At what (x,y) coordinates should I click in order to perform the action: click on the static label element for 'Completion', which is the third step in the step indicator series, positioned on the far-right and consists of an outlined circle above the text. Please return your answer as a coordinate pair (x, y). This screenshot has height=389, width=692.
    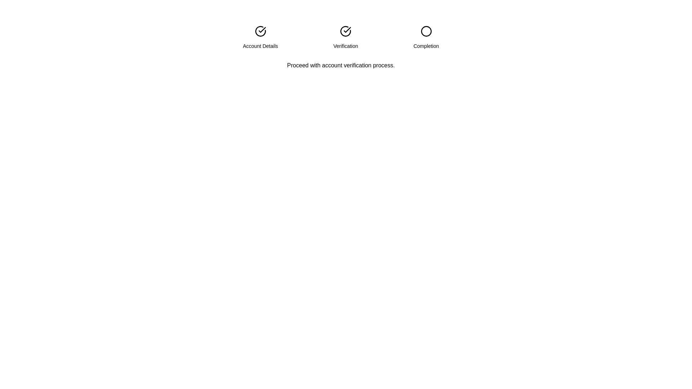
    Looking at the image, I should click on (426, 37).